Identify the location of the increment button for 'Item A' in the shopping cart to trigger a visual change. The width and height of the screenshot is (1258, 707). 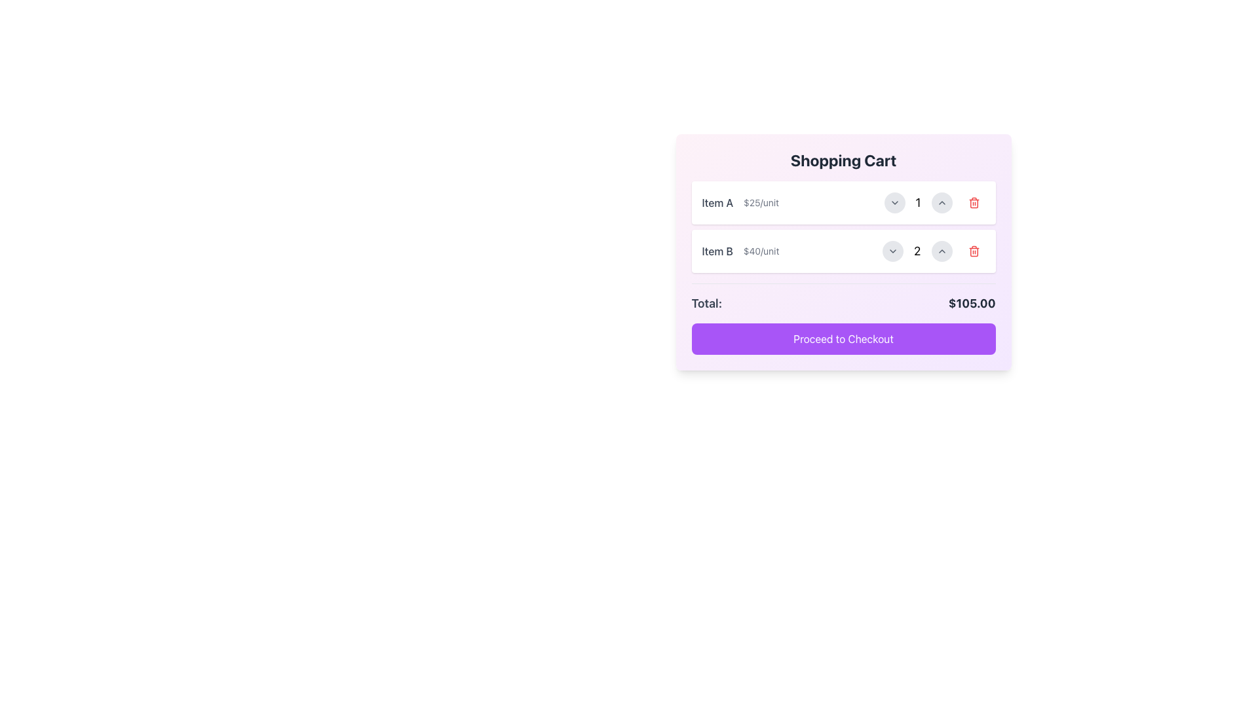
(941, 202).